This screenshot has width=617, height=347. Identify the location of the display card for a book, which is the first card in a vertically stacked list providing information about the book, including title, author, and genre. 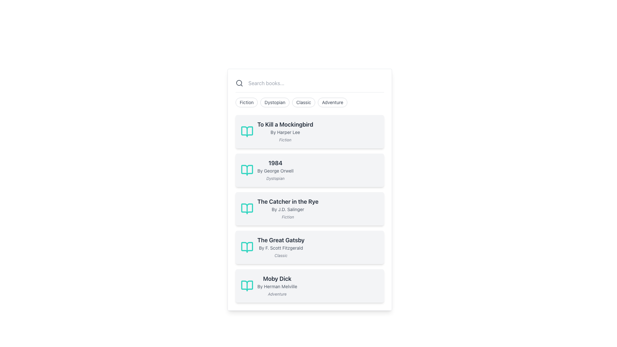
(310, 131).